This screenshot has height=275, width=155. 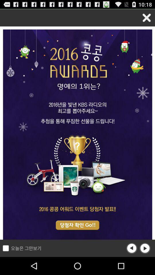 I want to click on the play icon, so click(x=145, y=266).